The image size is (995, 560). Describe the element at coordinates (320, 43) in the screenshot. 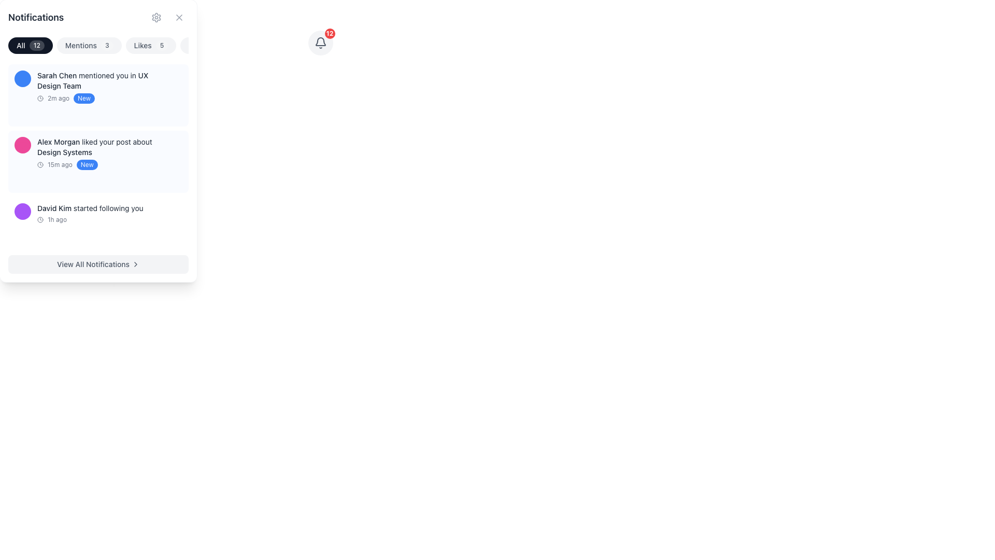

I see `the circular notification badge with a red background and white number '12', located at the top-right of the bell icon` at that location.